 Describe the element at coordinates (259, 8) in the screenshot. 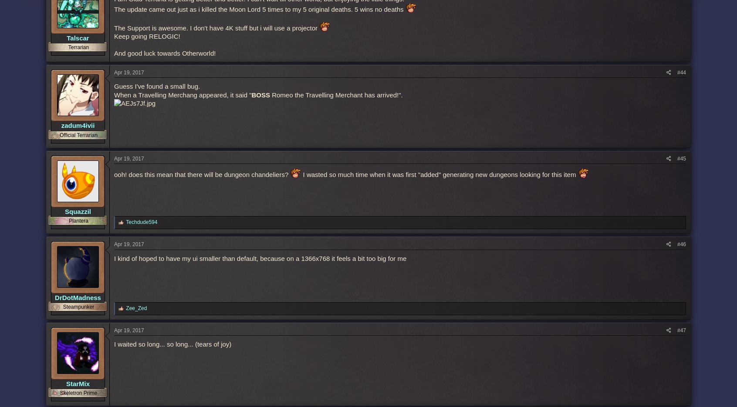

I see `'The update came out just as i killed the Moon Lord 5 times to my 5 original deaths. 5 wins no deaths'` at that location.